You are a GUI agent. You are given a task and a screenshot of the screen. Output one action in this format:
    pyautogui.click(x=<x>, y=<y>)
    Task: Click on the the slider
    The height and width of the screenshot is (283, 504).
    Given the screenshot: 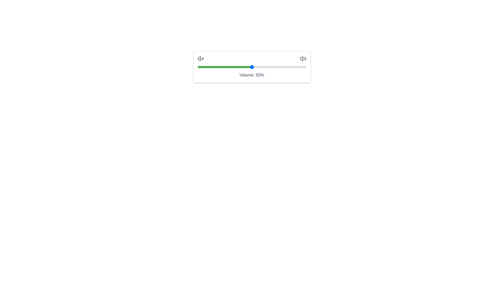 What is the action you would take?
    pyautogui.click(x=275, y=67)
    